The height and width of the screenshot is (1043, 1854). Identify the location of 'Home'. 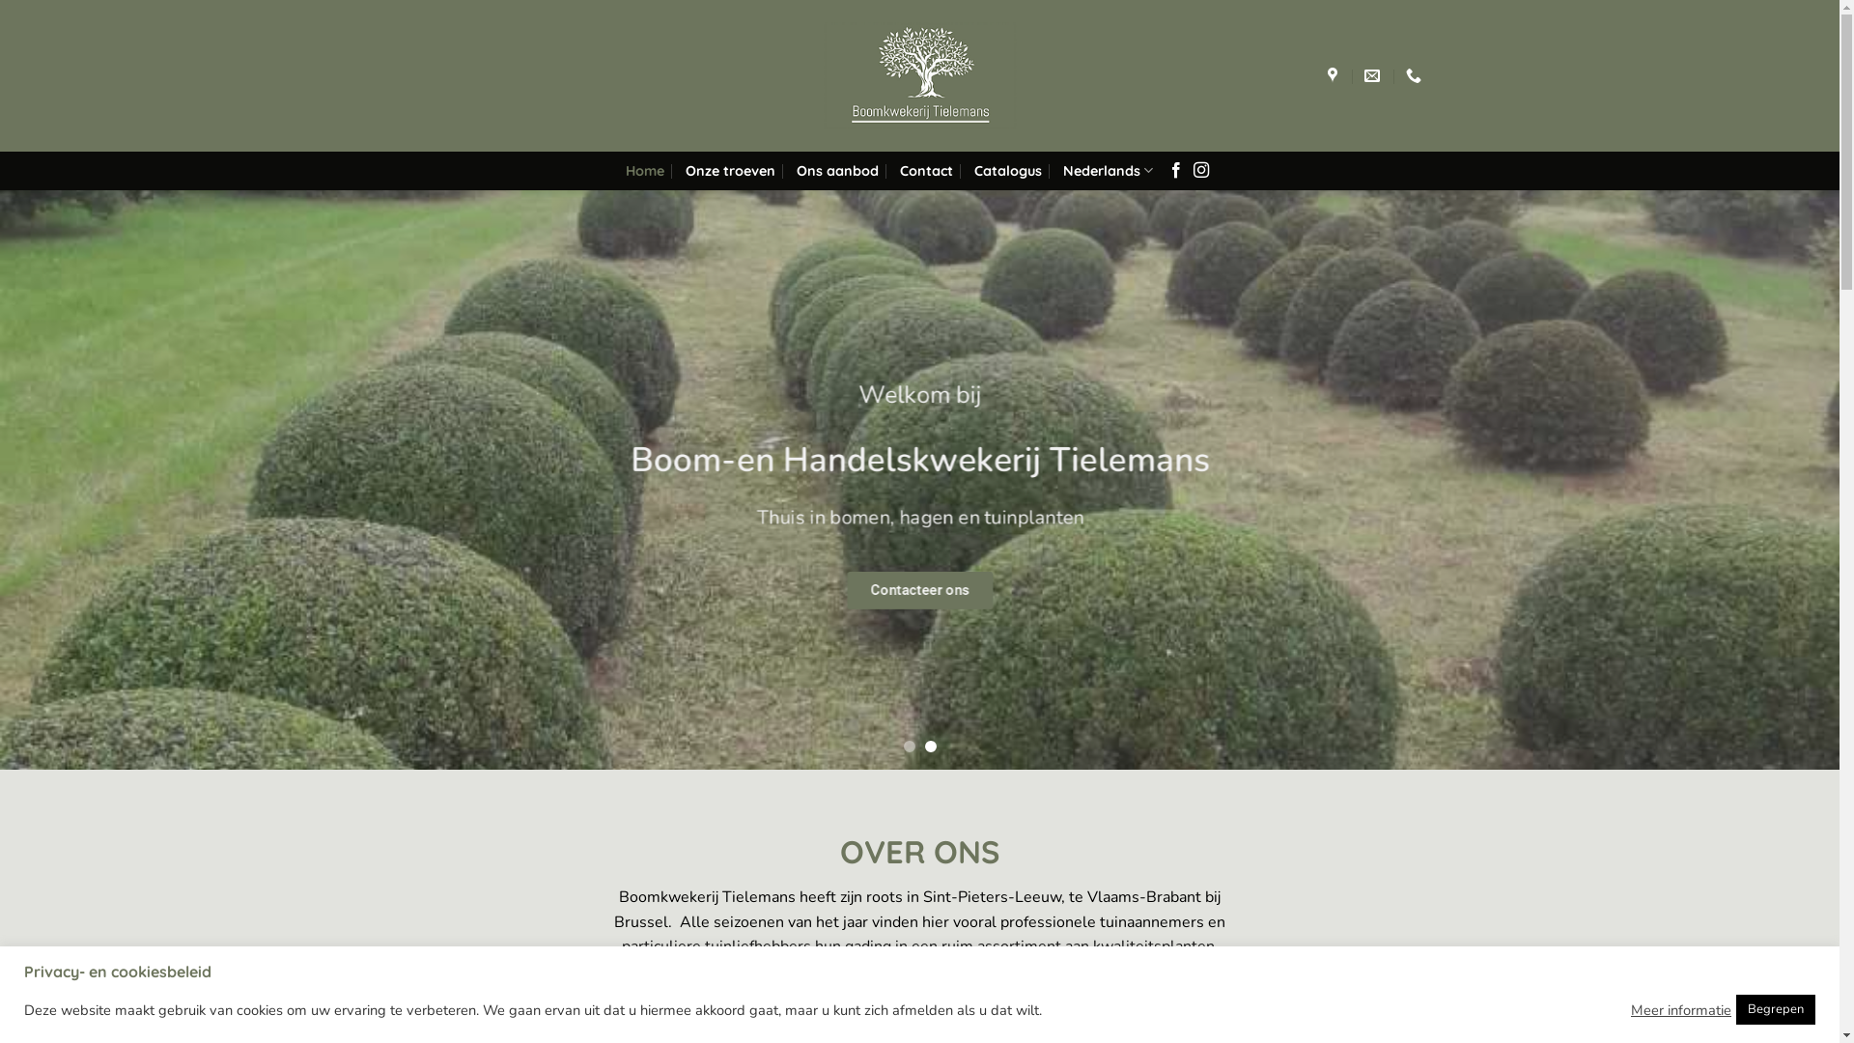
(644, 170).